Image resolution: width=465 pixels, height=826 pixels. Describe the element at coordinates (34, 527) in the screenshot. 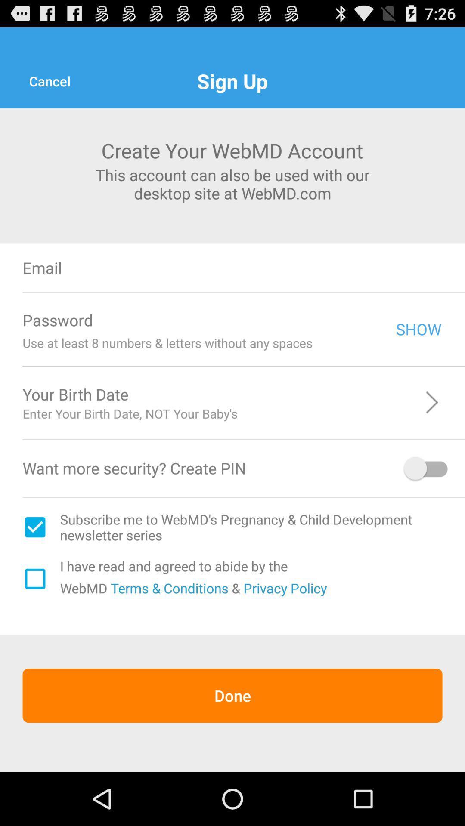

I see `the item to the left of subscribe me to item` at that location.